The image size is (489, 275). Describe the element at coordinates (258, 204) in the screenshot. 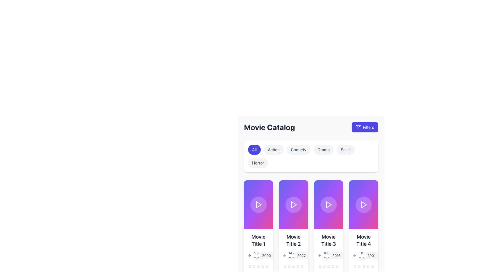

I see `the Play button icon located in the first card of the movie catalog carousel` at that location.